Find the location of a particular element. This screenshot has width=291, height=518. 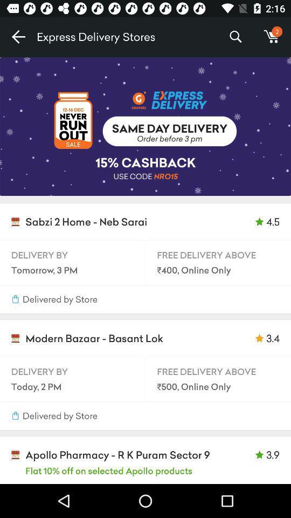

item next to express delivery stores item is located at coordinates (18, 37).